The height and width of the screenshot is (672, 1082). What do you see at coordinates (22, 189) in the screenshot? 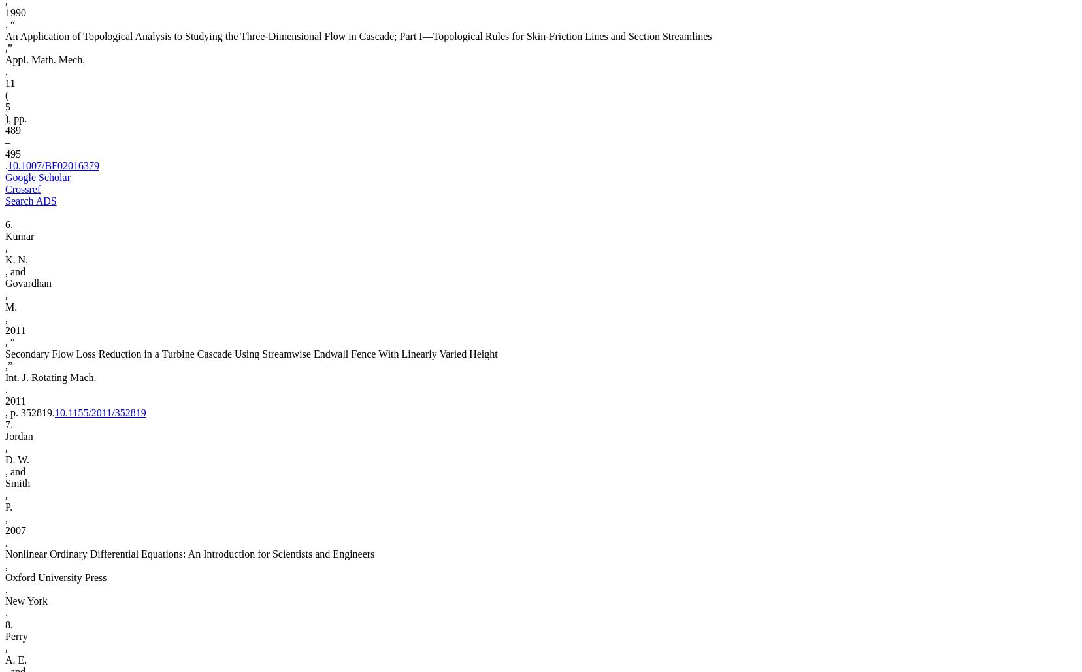
I see `'Crossref'` at bounding box center [22, 189].